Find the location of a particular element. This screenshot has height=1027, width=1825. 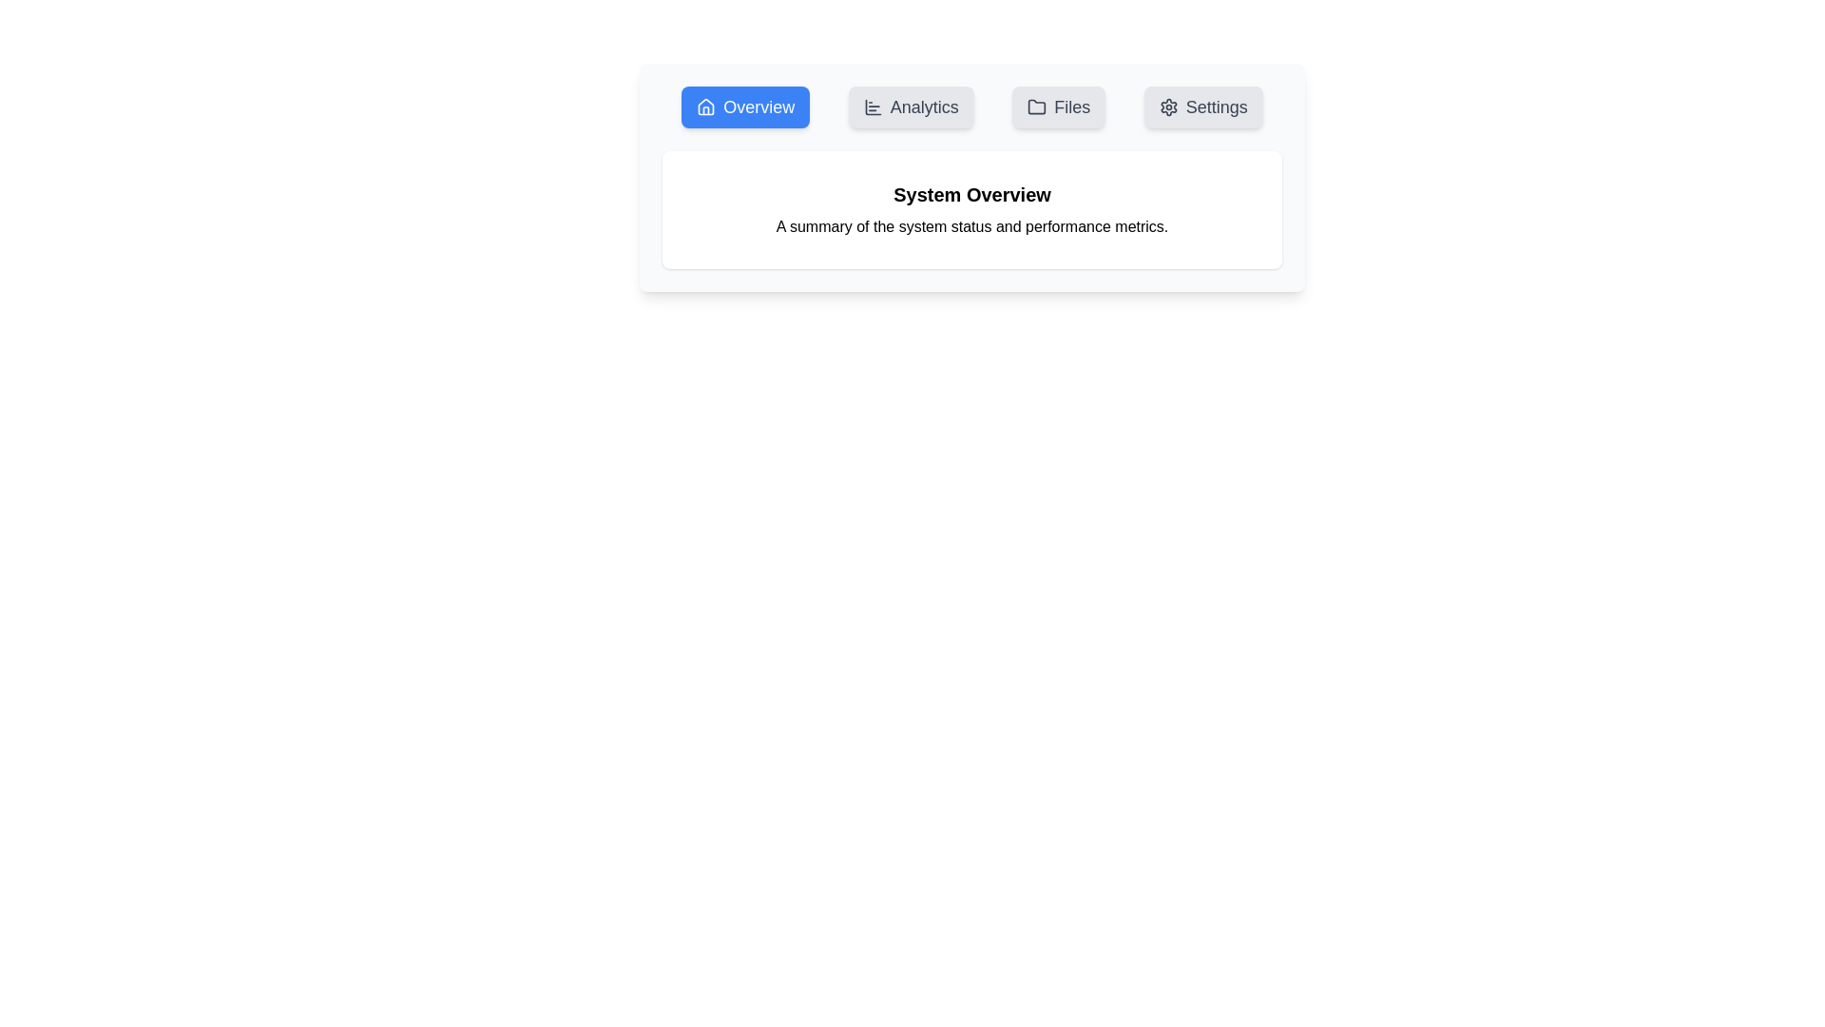

the text label in the top navigation bar that serves as the label for file-related functions, located between the 'Analytics' and 'Settings' buttons is located at coordinates (1072, 107).